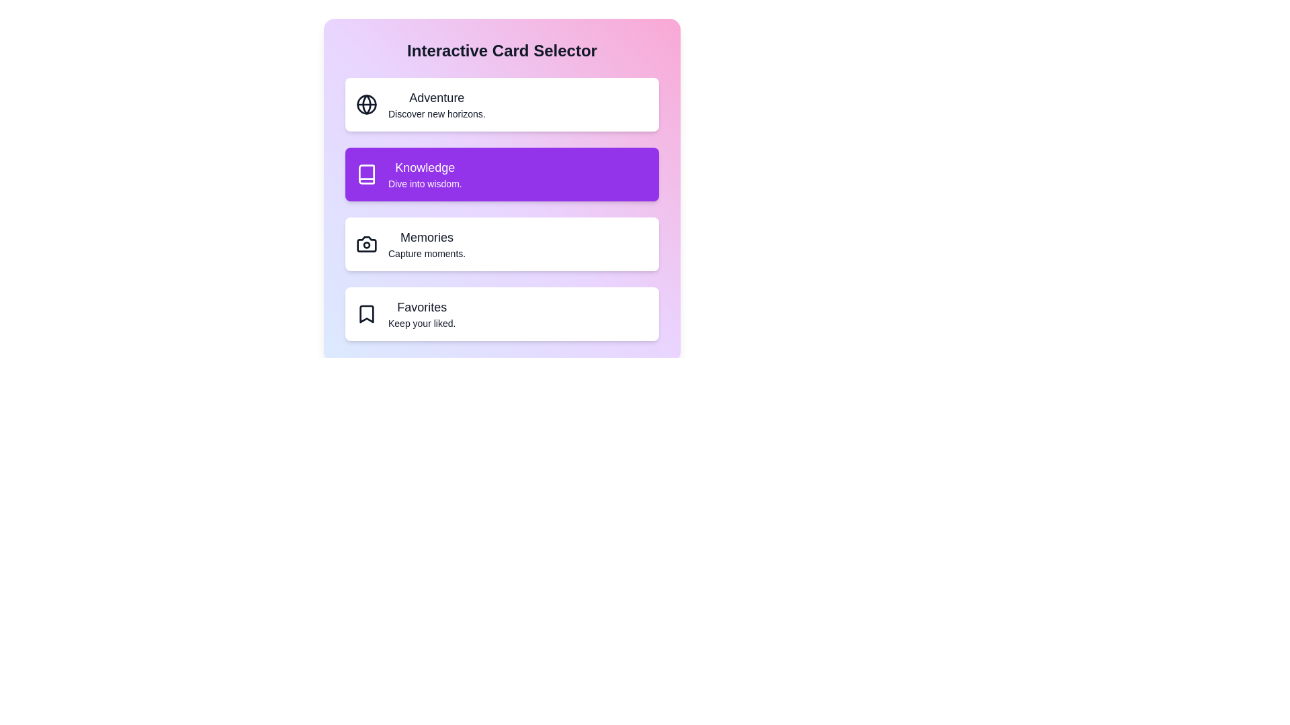 This screenshot has width=1290, height=725. What do you see at coordinates (501, 103) in the screenshot?
I see `the card labeled Adventure` at bounding box center [501, 103].